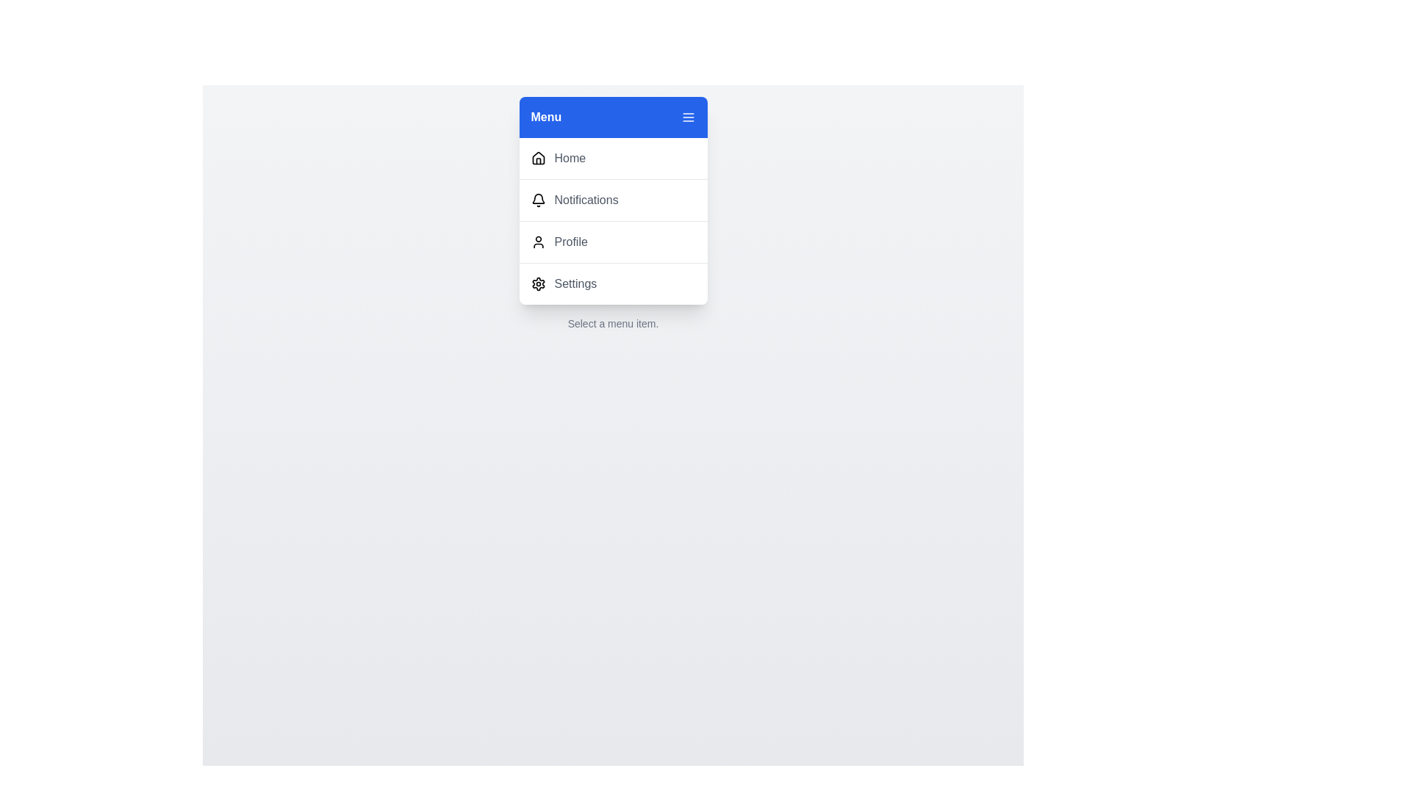  I want to click on the menu item Notifications from the menu, so click(613, 200).